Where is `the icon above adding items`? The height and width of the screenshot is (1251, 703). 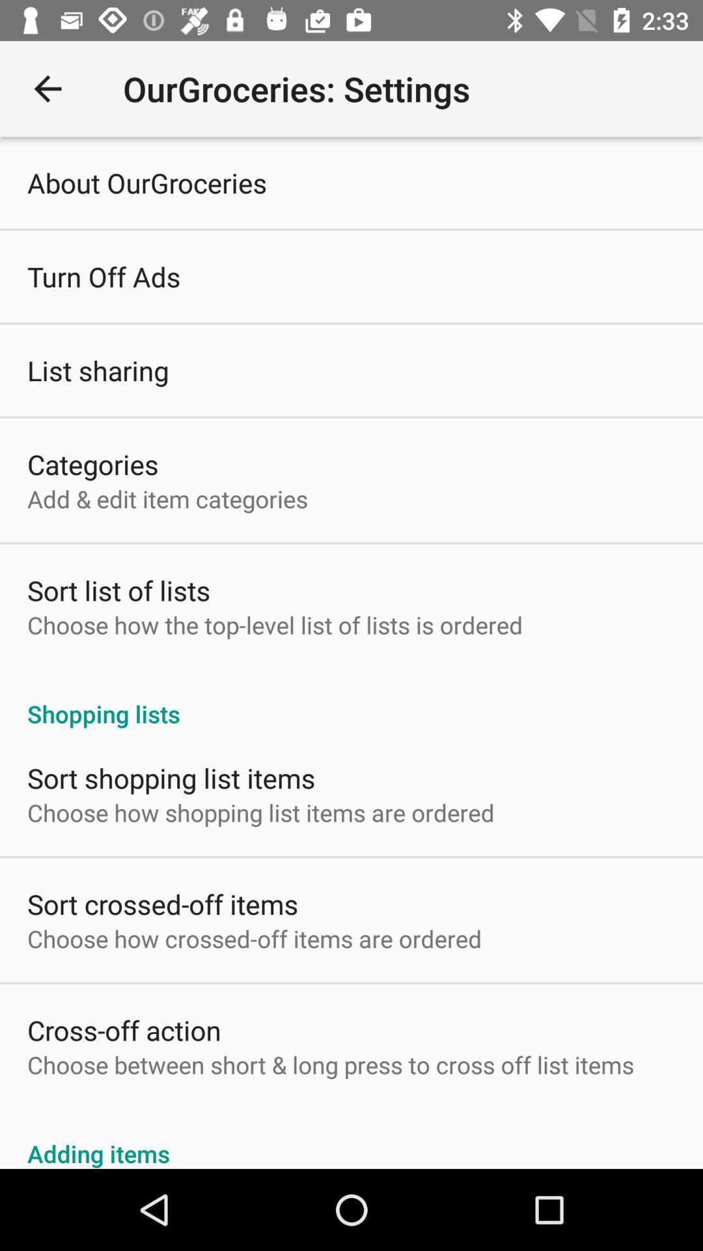 the icon above adding items is located at coordinates (330, 1065).